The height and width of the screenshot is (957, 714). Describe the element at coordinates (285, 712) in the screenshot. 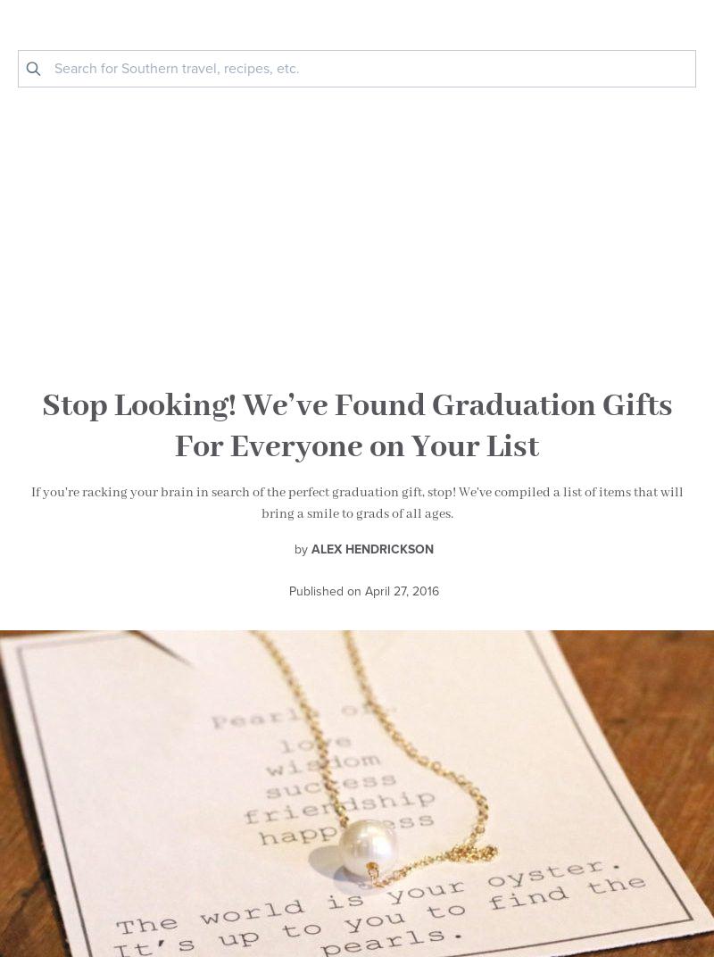

I see `'@styleblueprintnville'` at that location.